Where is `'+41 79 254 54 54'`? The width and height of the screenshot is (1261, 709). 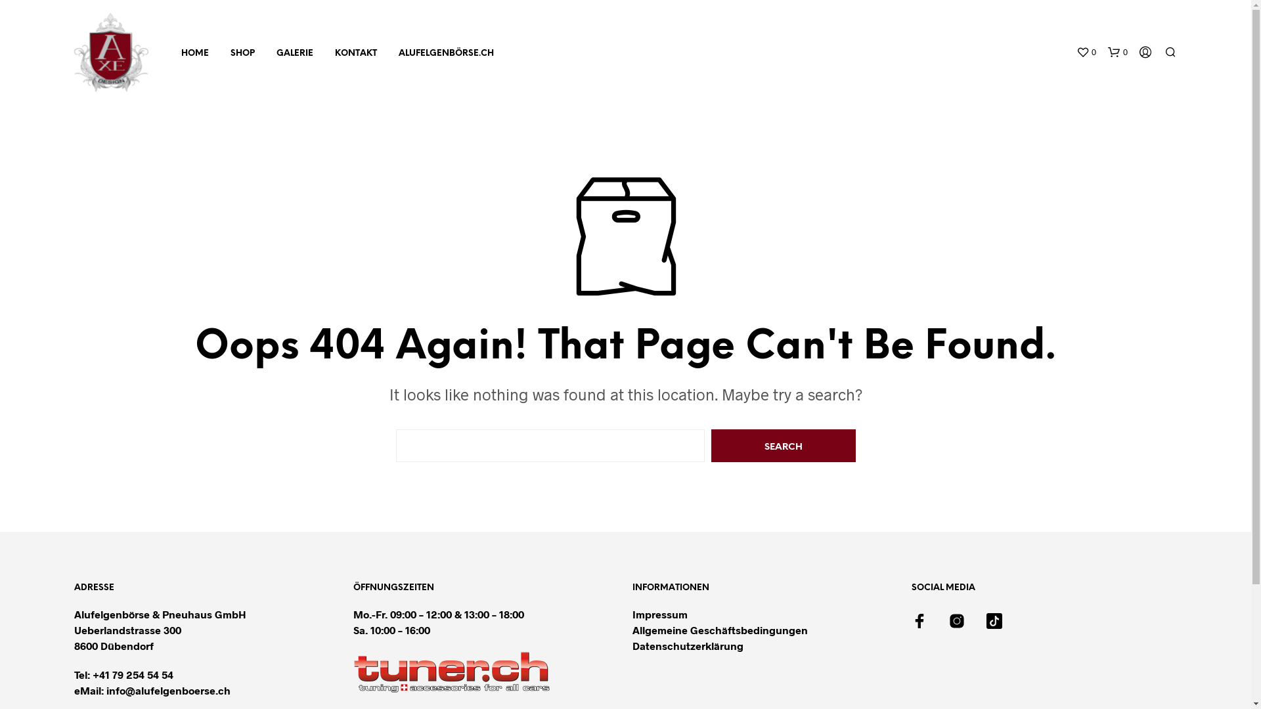 '+41 79 254 54 54' is located at coordinates (91, 674).